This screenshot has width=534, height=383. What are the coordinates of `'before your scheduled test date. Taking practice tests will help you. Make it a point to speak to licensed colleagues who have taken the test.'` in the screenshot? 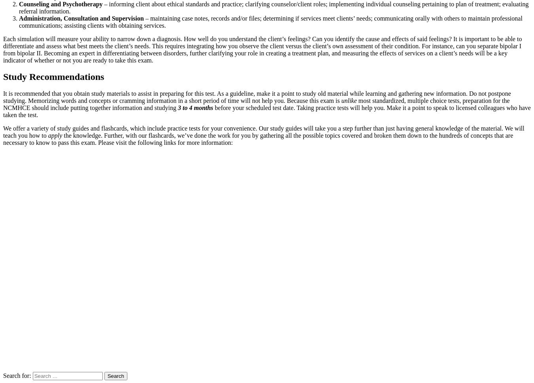 It's located at (267, 111).